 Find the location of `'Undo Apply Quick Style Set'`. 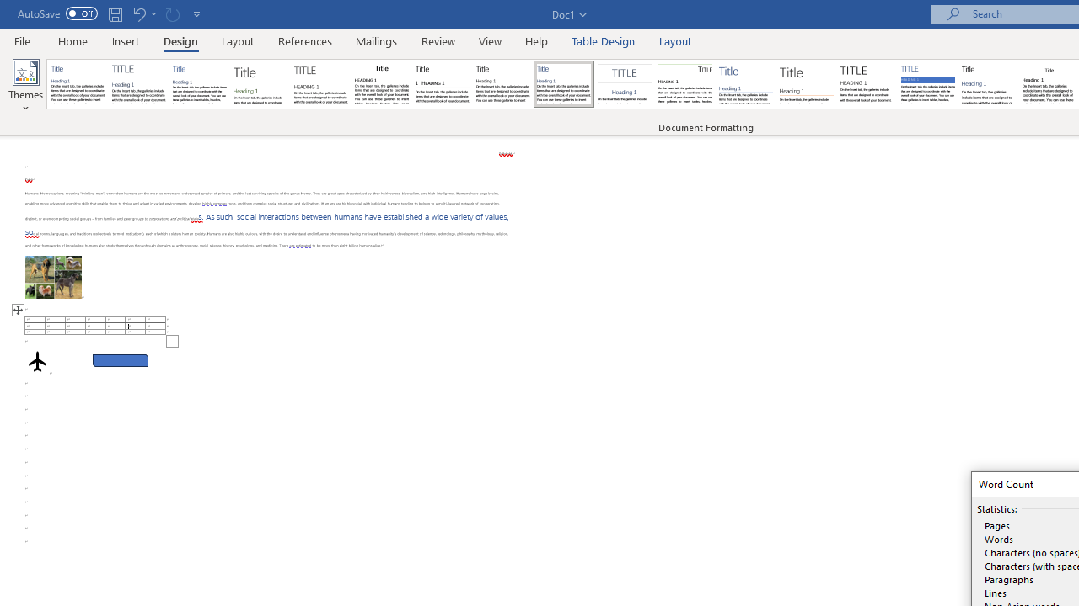

'Undo Apply Quick Style Set' is located at coordinates (138, 13).